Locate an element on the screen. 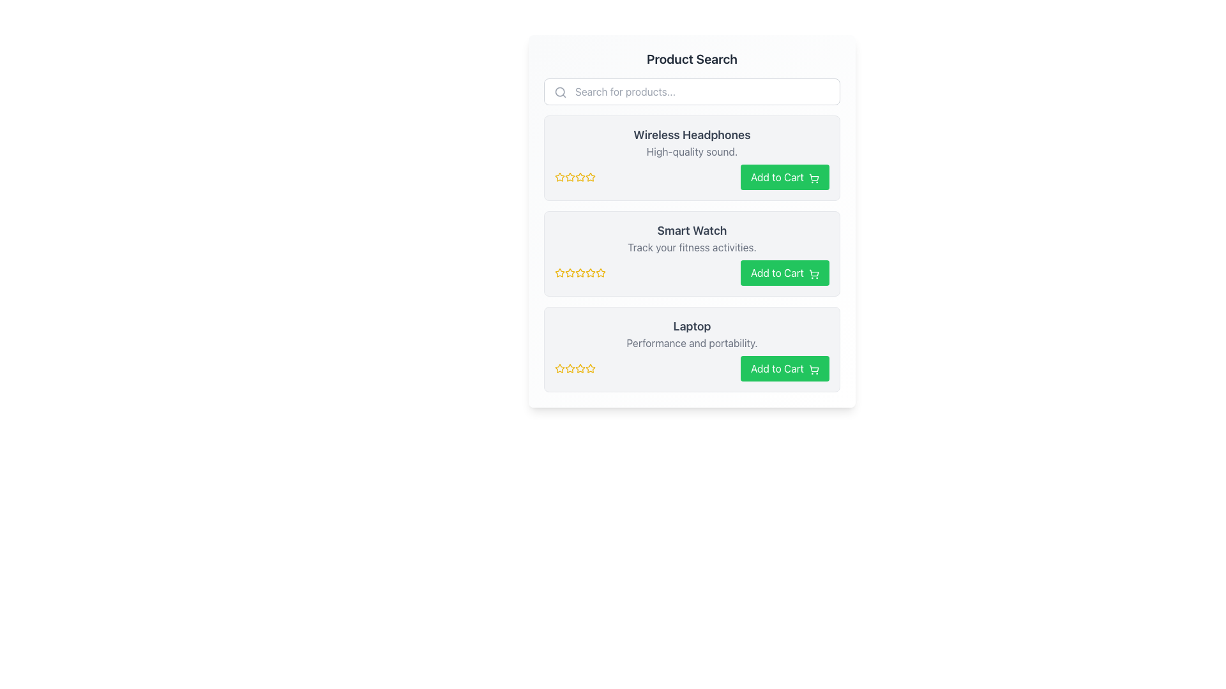  the first star graphic icon representing the rating for the product located beneath the 'Laptop' description in the third product card is located at coordinates (560, 368).